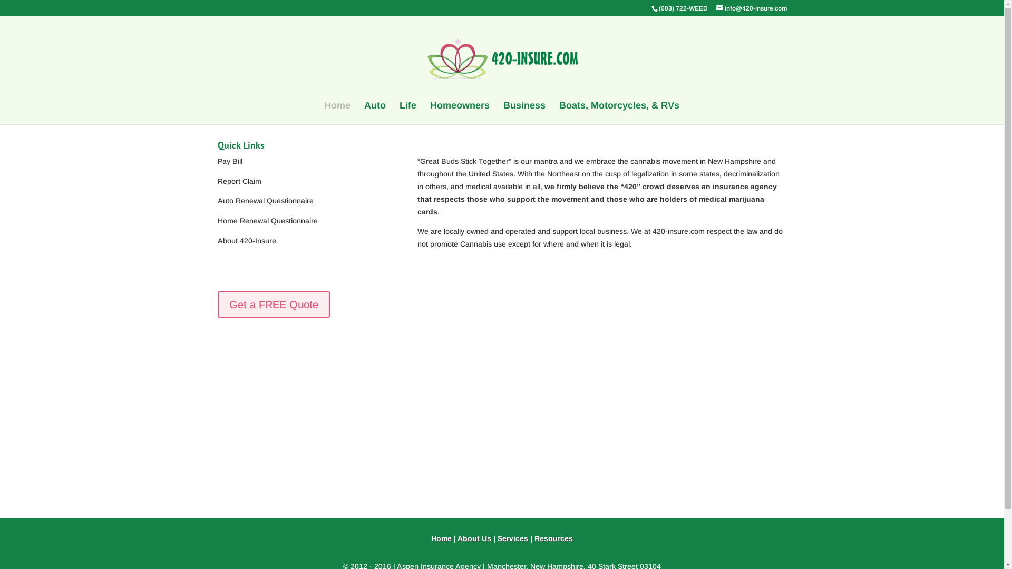 The height and width of the screenshot is (569, 1012). What do you see at coordinates (751, 8) in the screenshot?
I see `'info@420-insure.com'` at bounding box center [751, 8].